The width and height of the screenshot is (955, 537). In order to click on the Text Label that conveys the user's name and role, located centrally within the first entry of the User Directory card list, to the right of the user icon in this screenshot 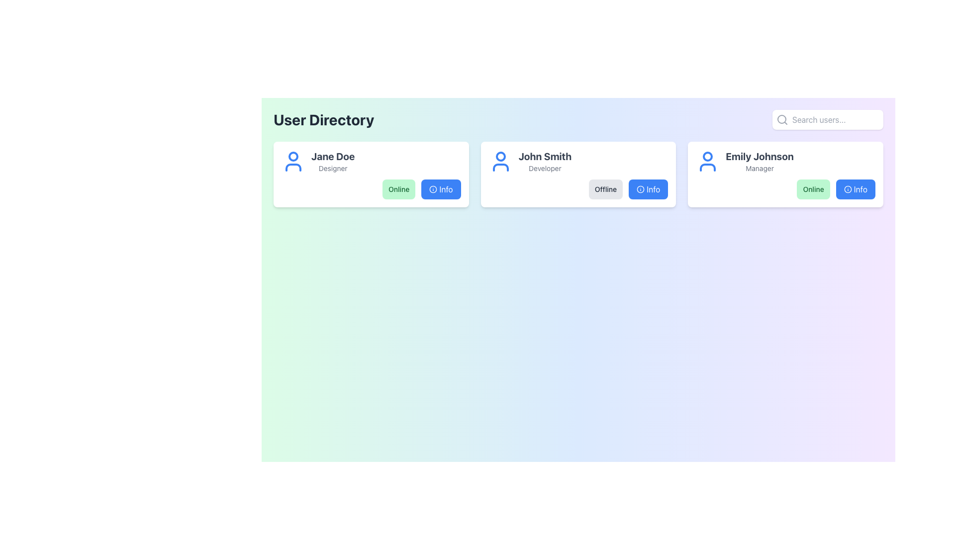, I will do `click(333, 161)`.